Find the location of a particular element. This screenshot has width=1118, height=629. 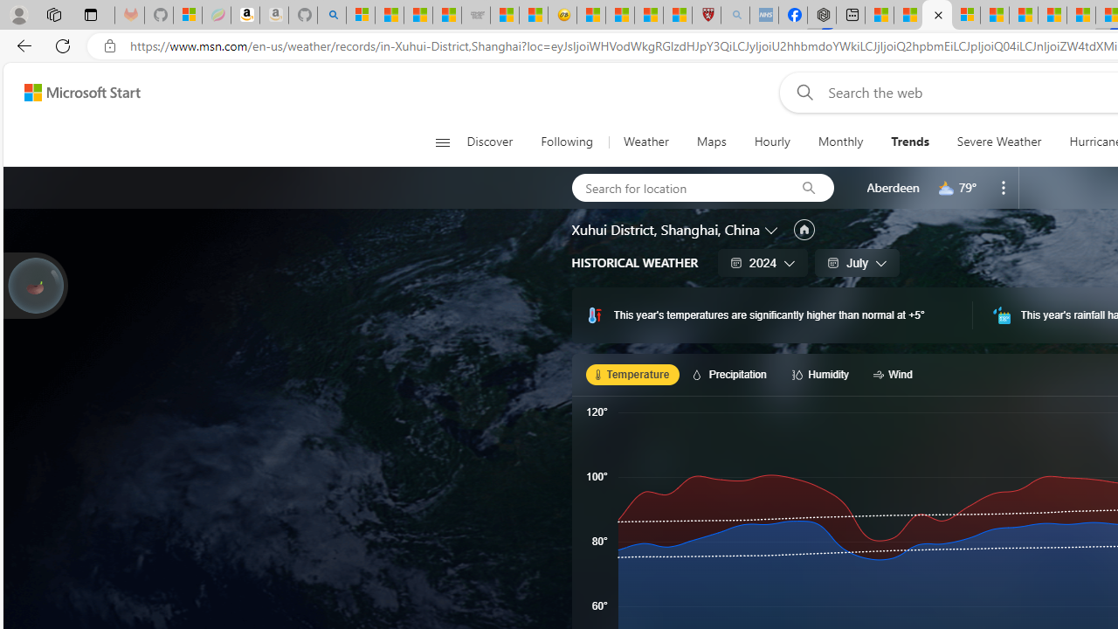

'Set as primary location' is located at coordinates (803, 229).